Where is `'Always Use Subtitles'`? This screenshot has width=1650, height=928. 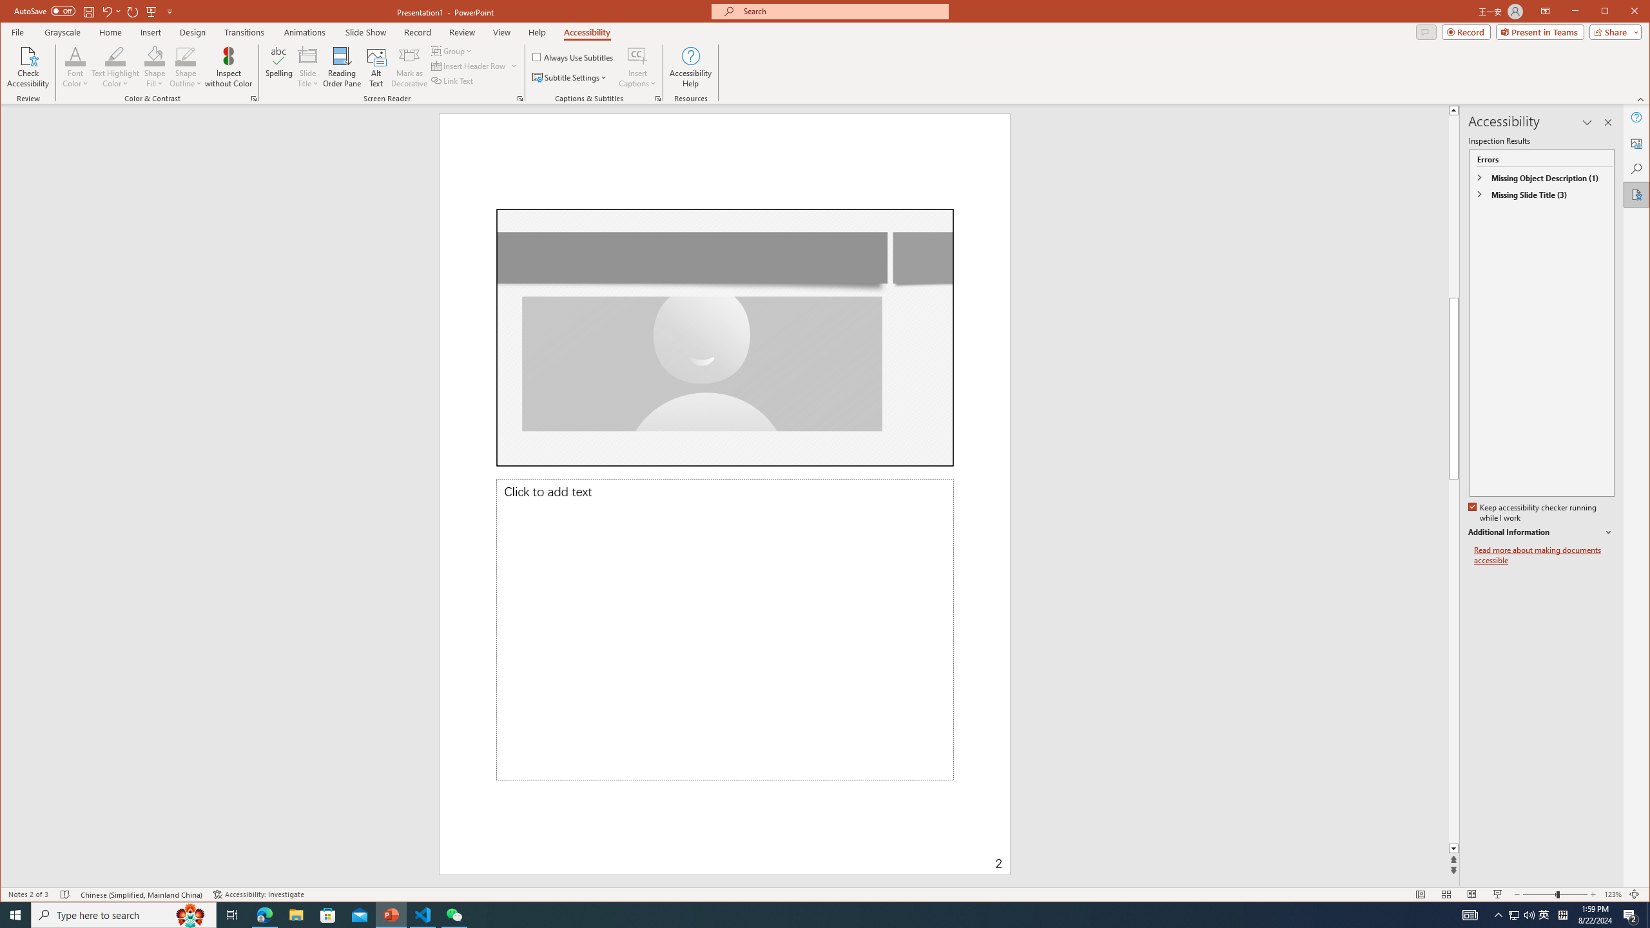 'Always Use Subtitles' is located at coordinates (572, 56).